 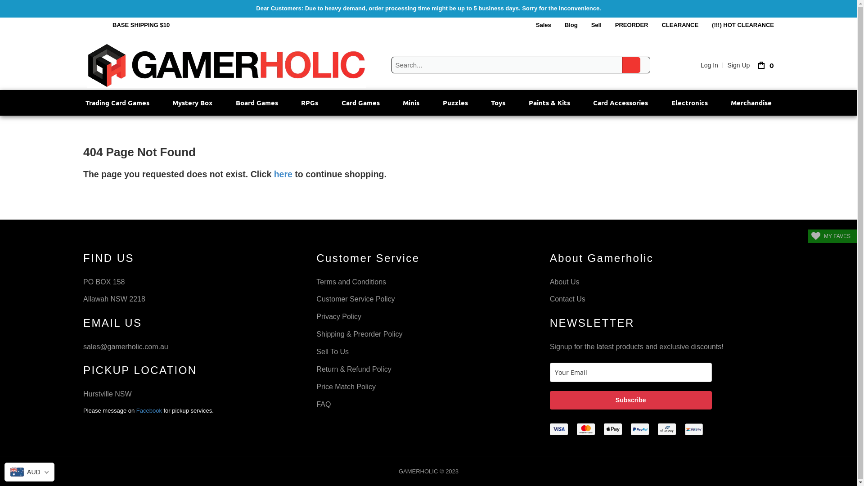 I want to click on 'Electronics', so click(x=689, y=102).